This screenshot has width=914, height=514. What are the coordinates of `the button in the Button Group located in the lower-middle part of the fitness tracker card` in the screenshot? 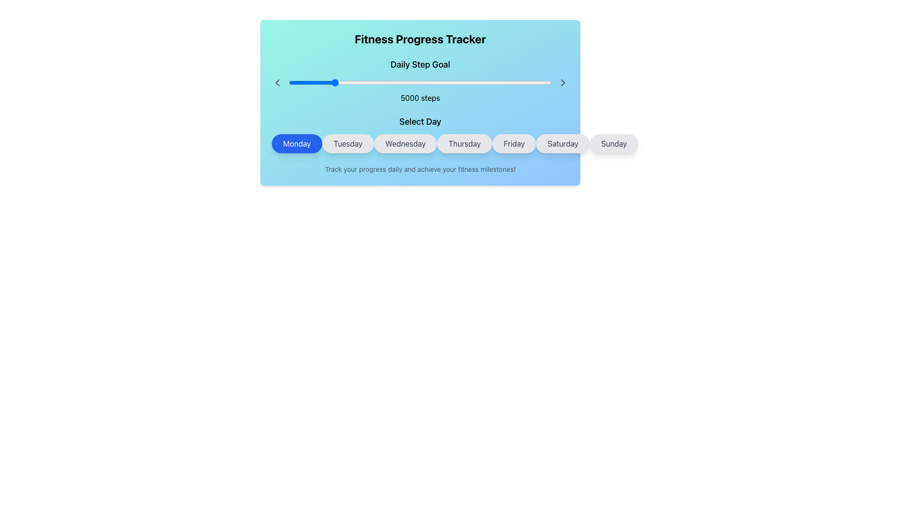 It's located at (420, 134).